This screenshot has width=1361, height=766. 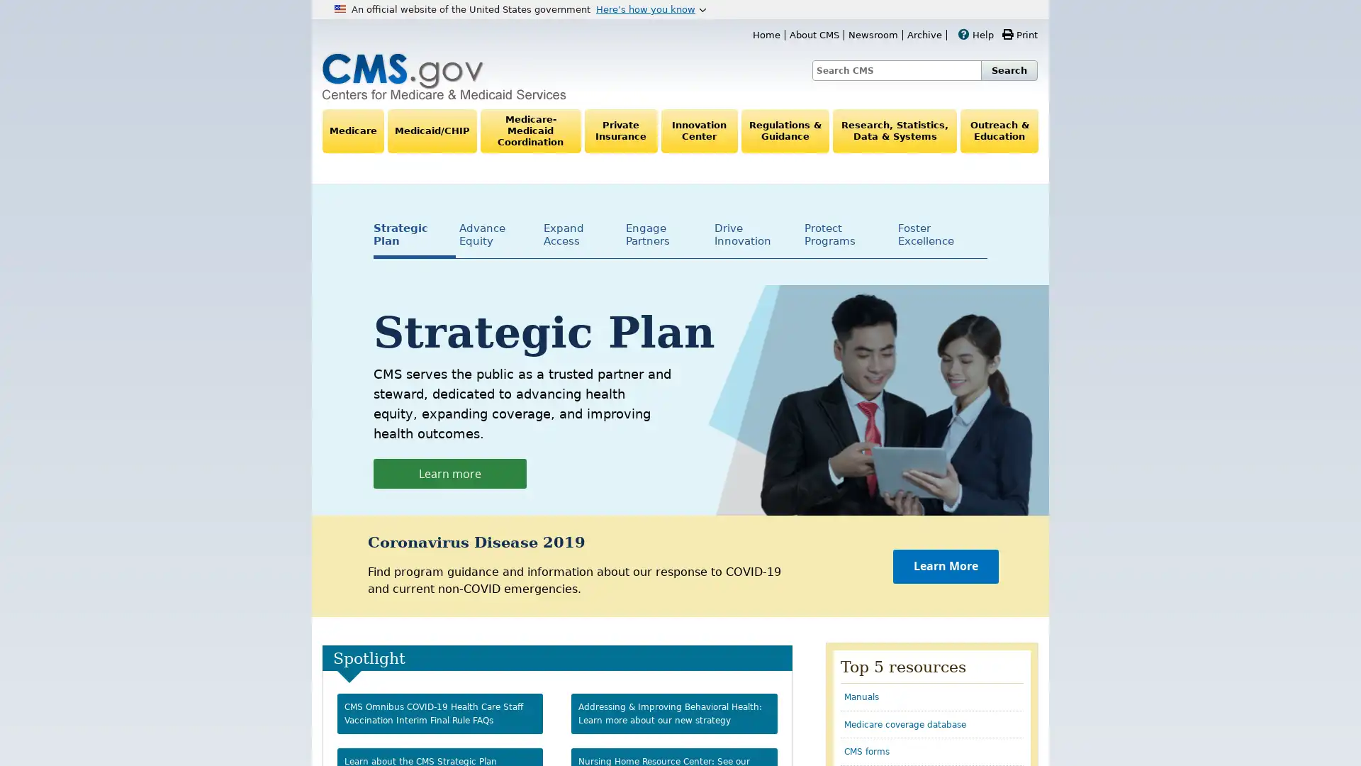 What do you see at coordinates (449, 473) in the screenshot?
I see `Learn more` at bounding box center [449, 473].